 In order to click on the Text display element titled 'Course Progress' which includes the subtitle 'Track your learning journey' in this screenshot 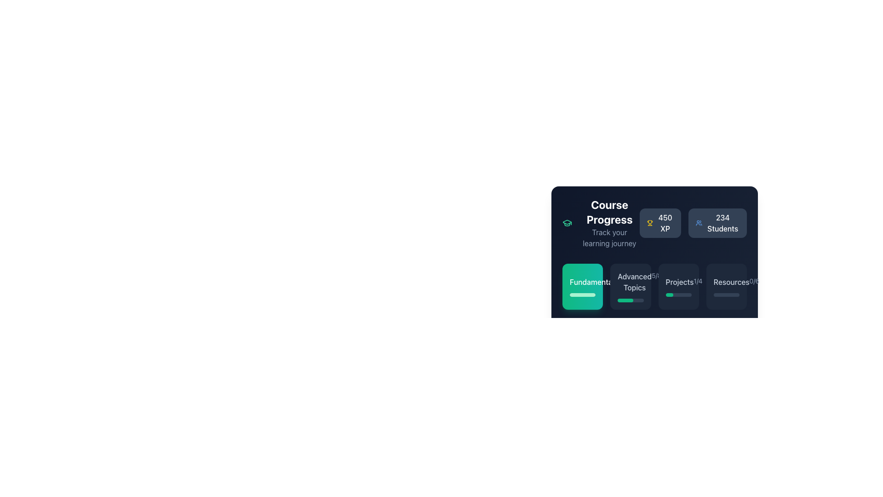, I will do `click(609, 223)`.